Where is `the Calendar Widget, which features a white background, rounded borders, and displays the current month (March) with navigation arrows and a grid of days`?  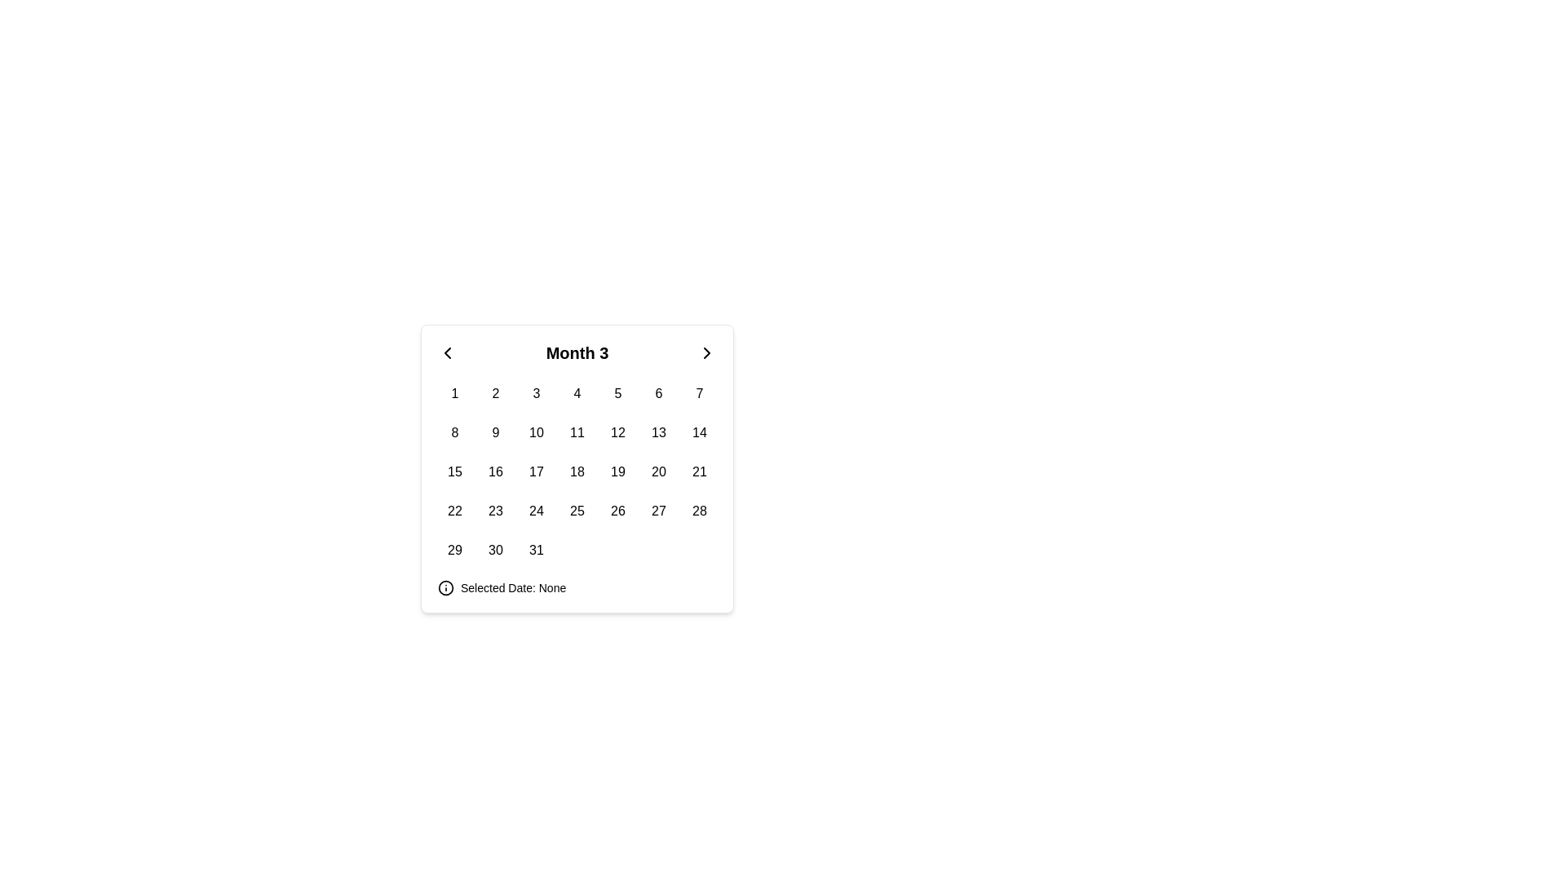
the Calendar Widget, which features a white background, rounded borders, and displays the current month (March) with navigation arrows and a grid of days is located at coordinates (577, 468).